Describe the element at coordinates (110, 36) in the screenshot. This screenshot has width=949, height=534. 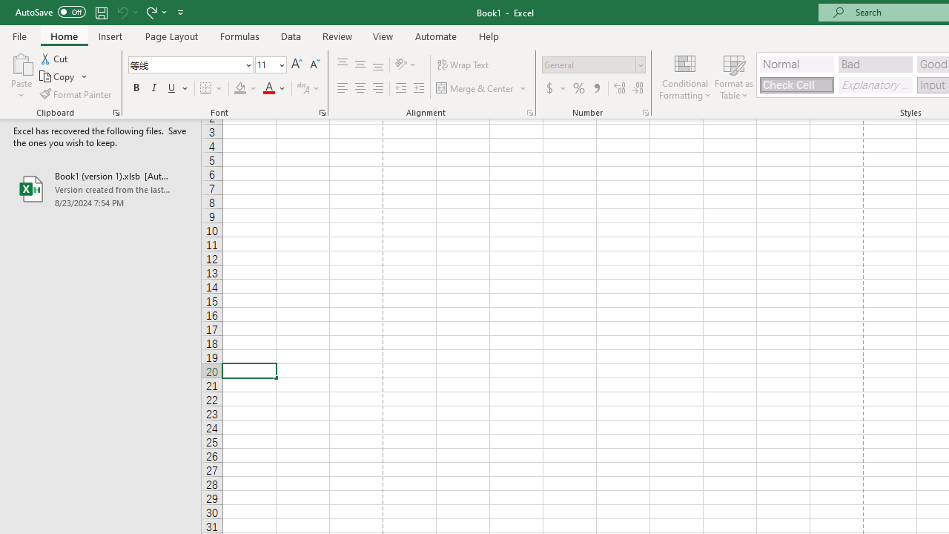
I see `'Insert'` at that location.